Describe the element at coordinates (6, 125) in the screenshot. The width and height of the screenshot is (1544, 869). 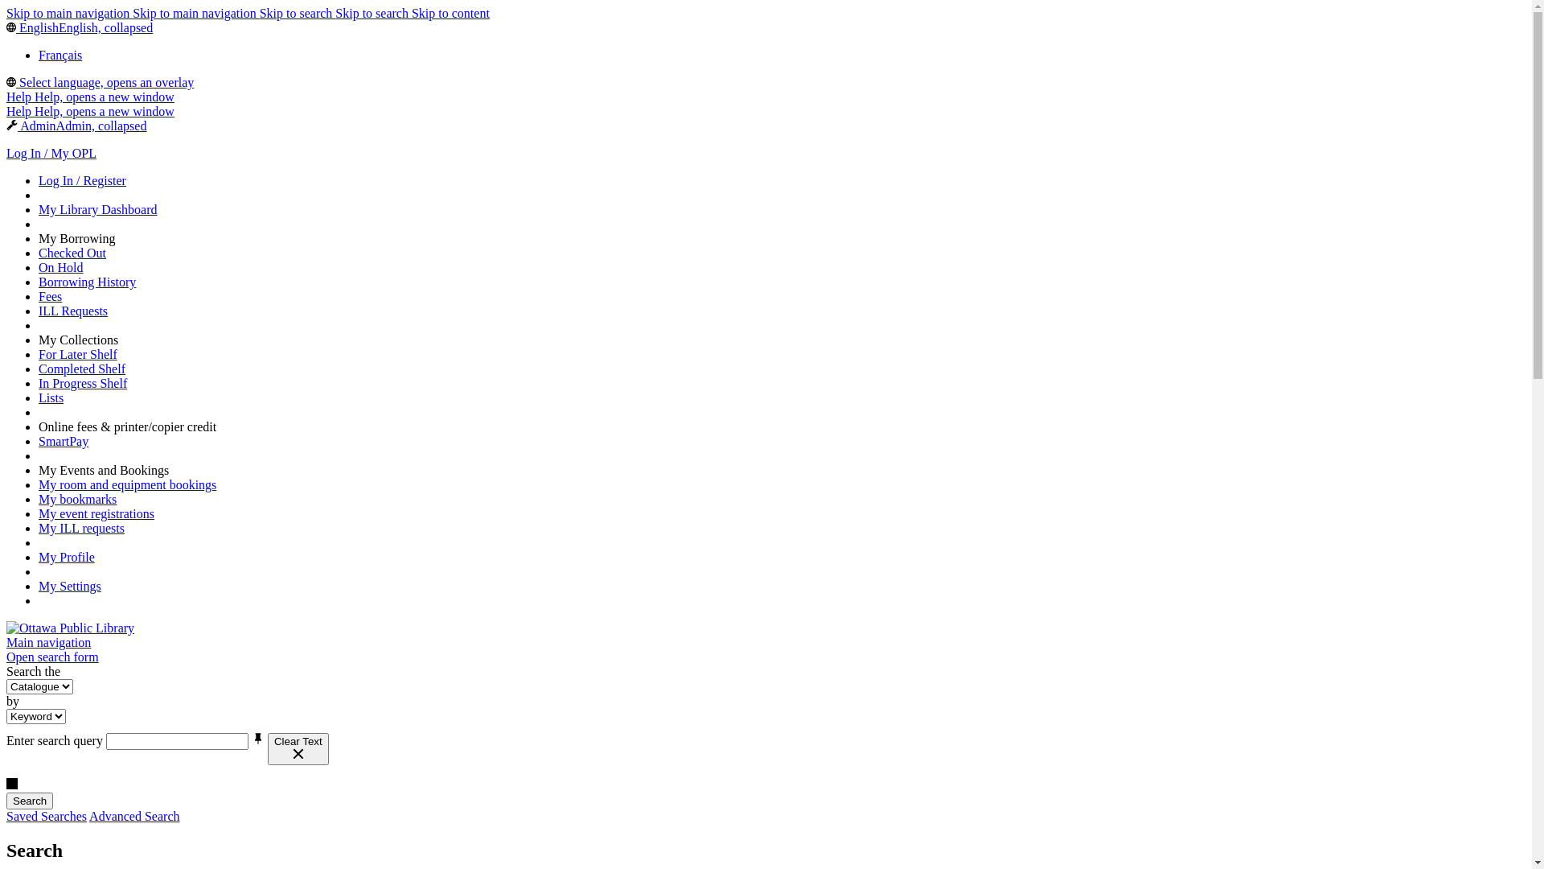
I see `'Admin AdminAdmin, collapsed'` at that location.